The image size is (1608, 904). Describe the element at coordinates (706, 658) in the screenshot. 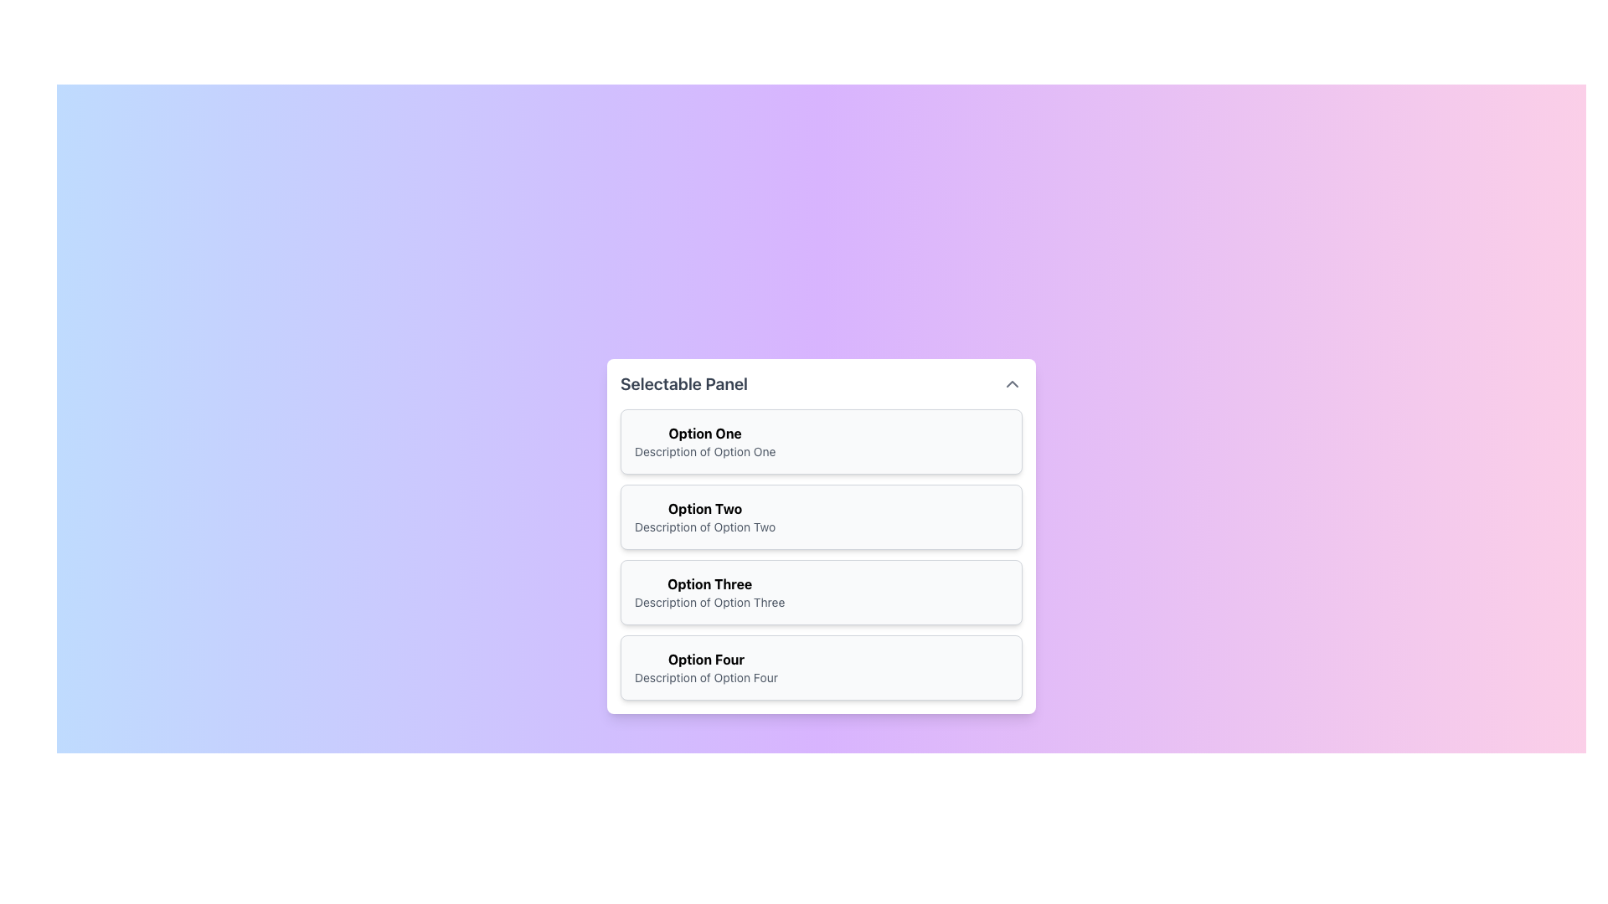

I see `text label displaying 'Option Four' located at the center of the bottom item in the selectable panel` at that location.